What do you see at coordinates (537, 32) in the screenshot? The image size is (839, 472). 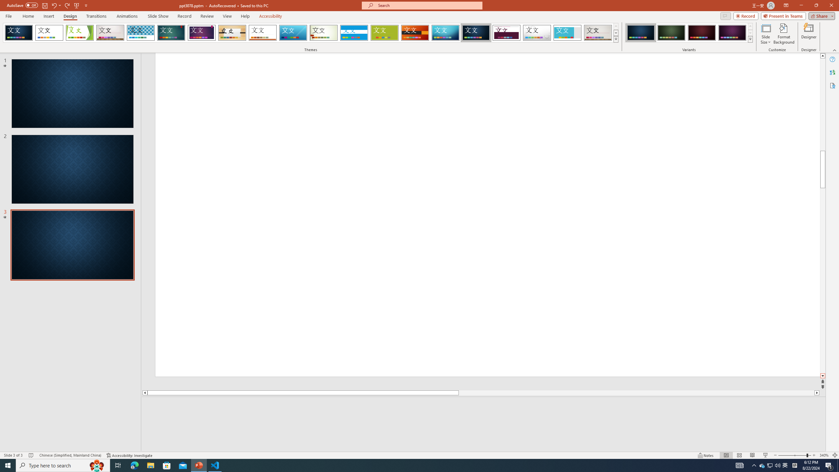 I see `'Droplet'` at bounding box center [537, 32].